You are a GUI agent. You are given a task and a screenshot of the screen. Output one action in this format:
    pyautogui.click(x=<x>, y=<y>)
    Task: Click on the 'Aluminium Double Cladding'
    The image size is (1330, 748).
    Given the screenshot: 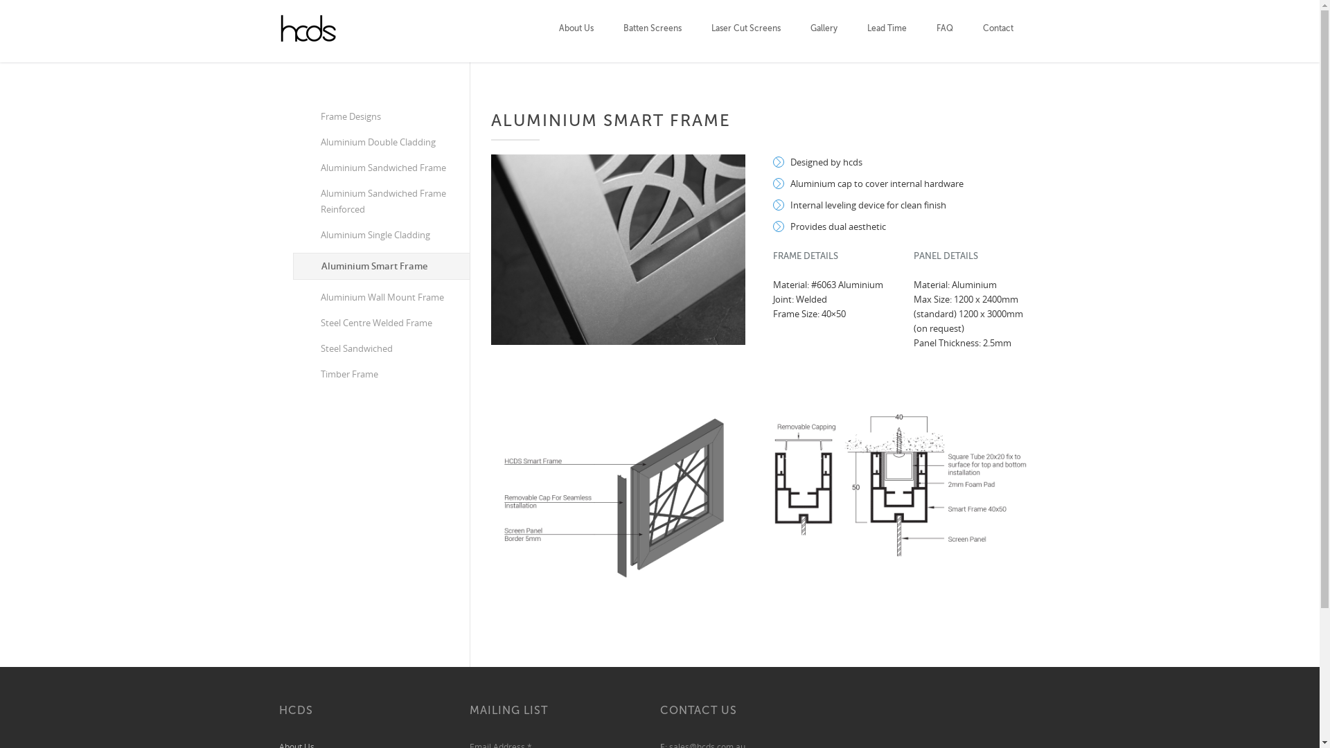 What is the action you would take?
    pyautogui.click(x=380, y=142)
    